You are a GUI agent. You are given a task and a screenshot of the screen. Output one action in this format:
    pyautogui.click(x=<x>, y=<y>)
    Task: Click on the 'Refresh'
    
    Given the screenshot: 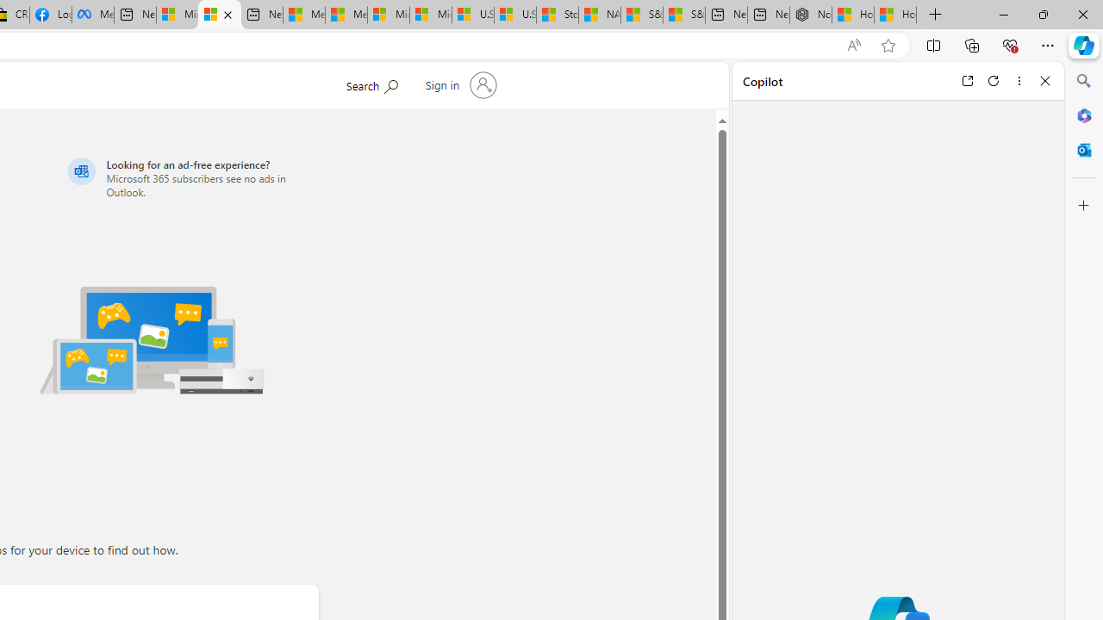 What is the action you would take?
    pyautogui.click(x=994, y=80)
    